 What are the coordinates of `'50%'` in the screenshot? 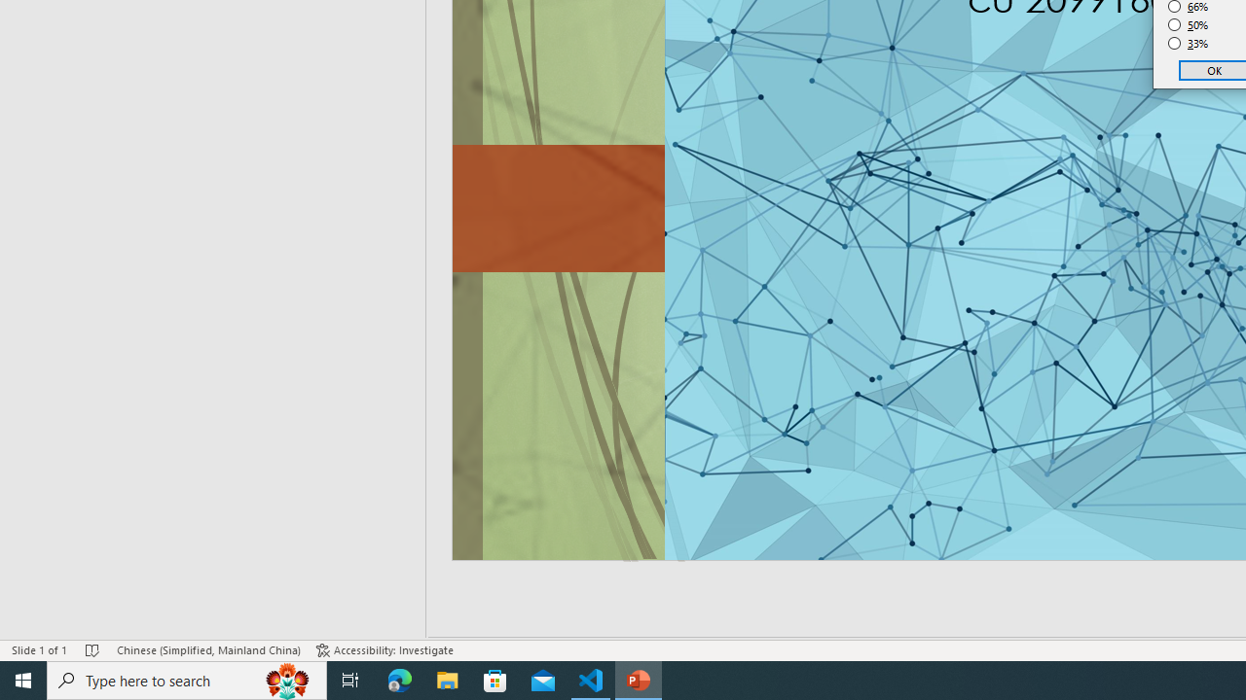 It's located at (1188, 24).